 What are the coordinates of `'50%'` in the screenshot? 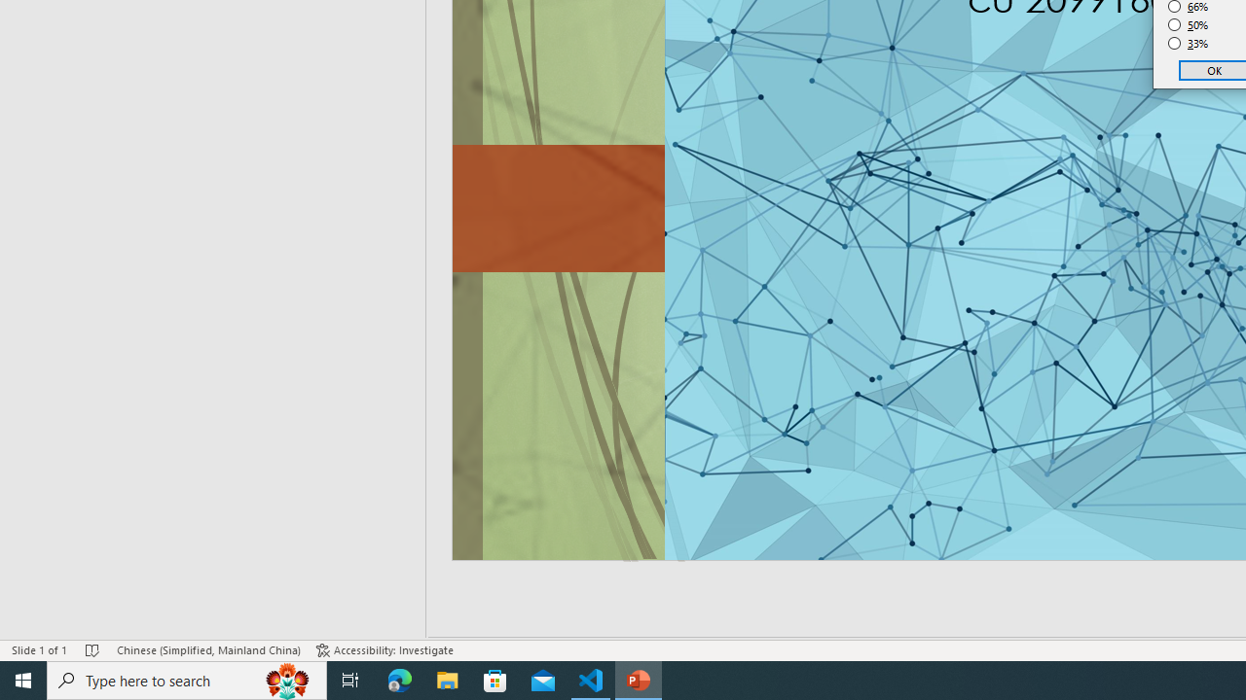 It's located at (1188, 24).